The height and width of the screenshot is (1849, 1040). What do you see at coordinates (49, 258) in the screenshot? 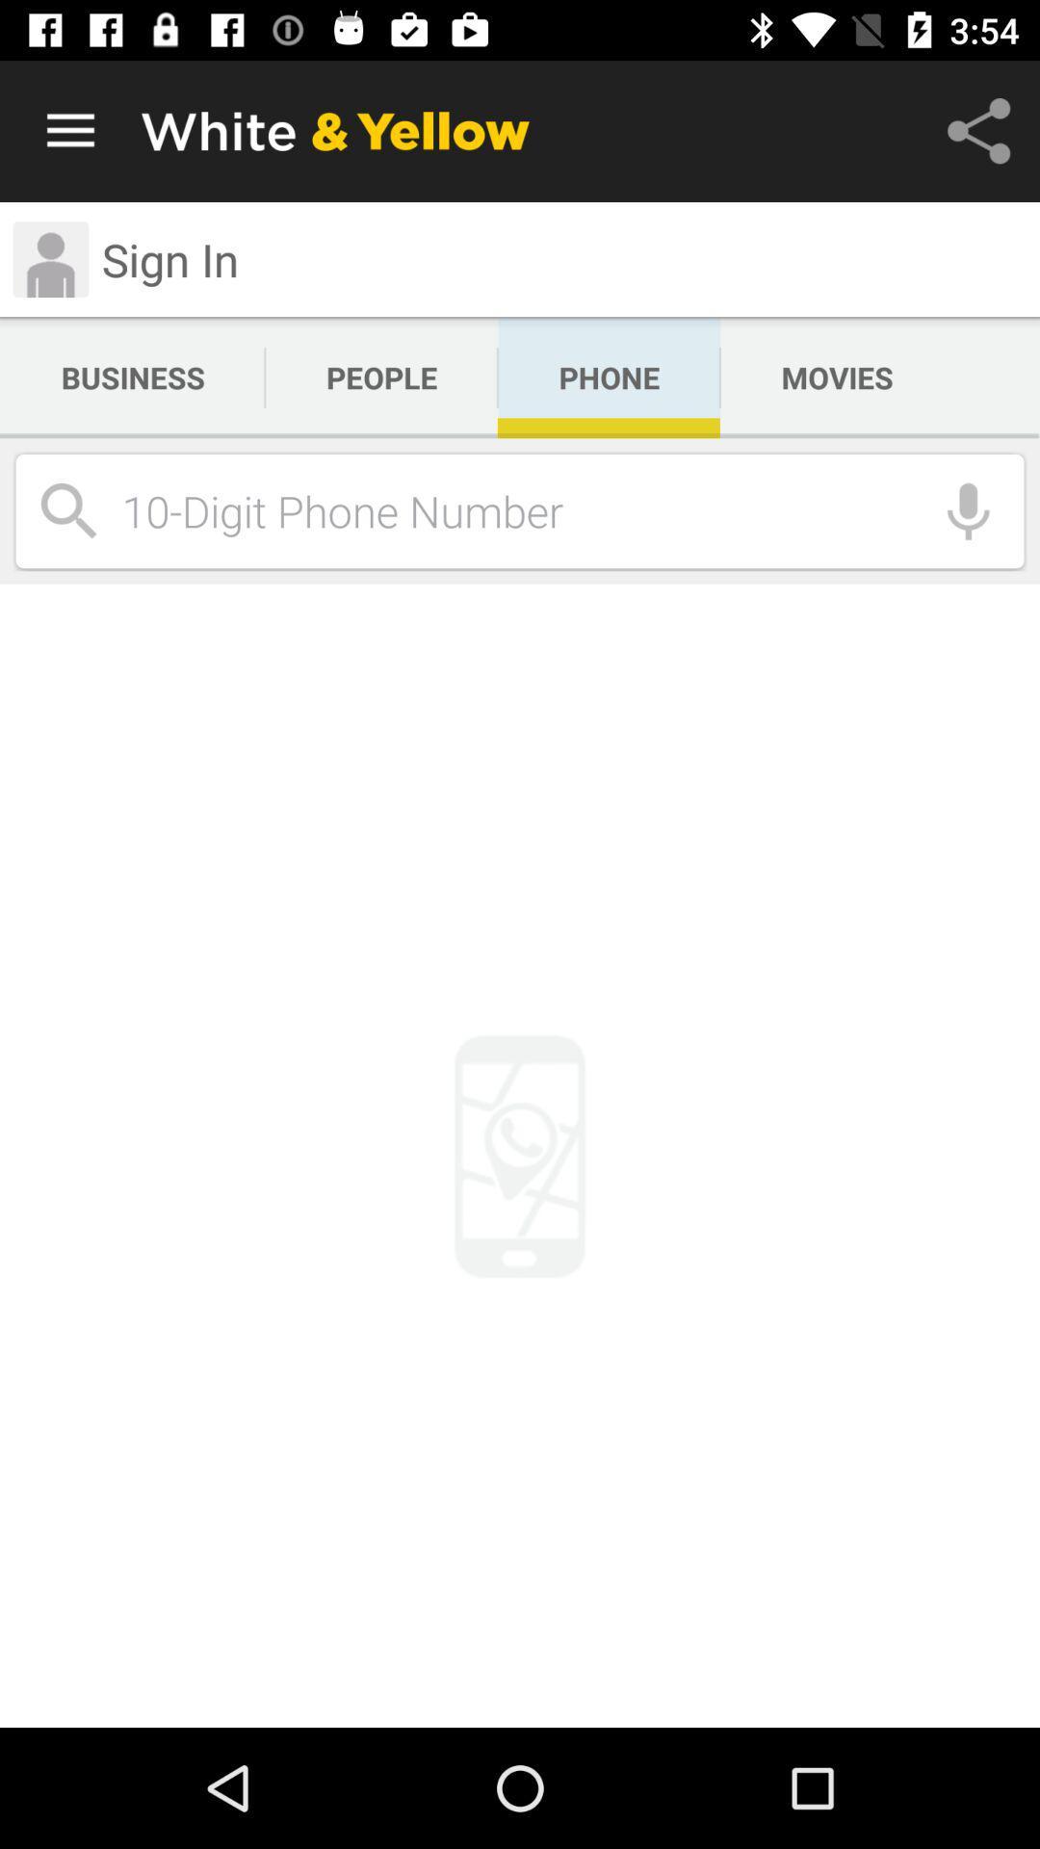
I see `icon next to sign in item` at bounding box center [49, 258].